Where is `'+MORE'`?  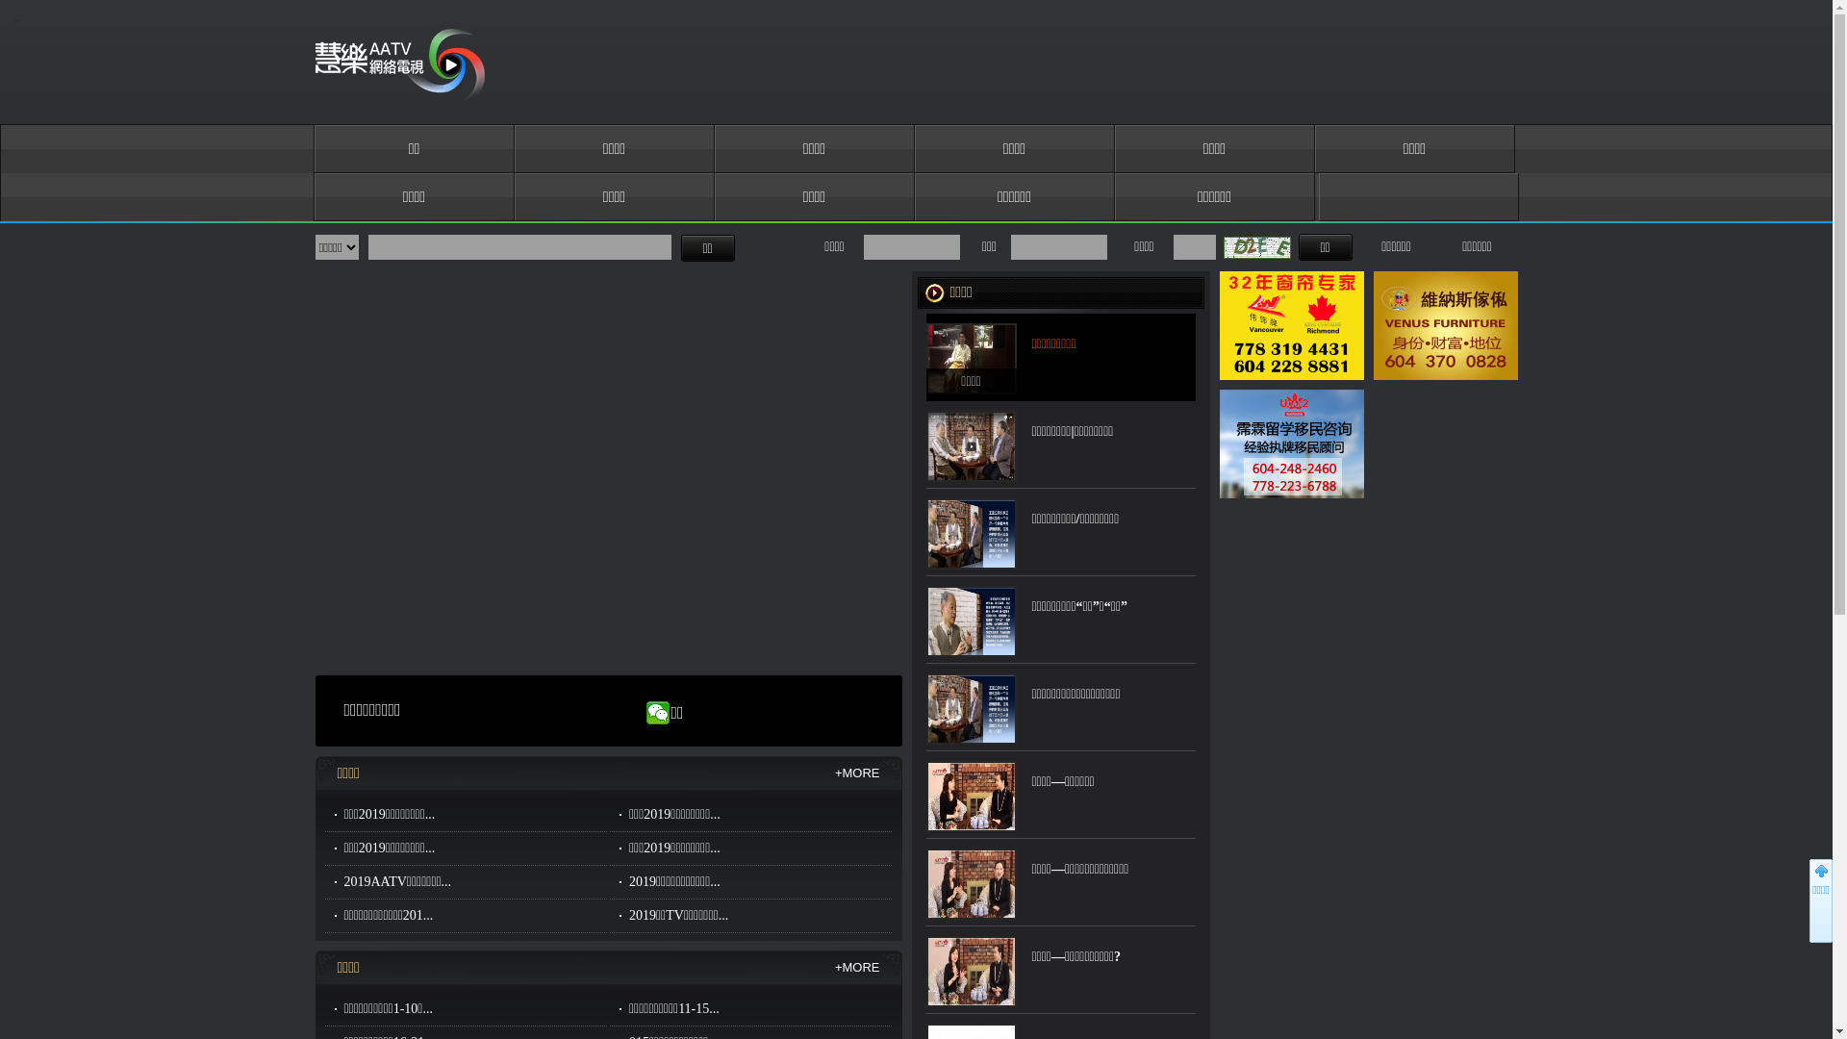 '+MORE' is located at coordinates (856, 968).